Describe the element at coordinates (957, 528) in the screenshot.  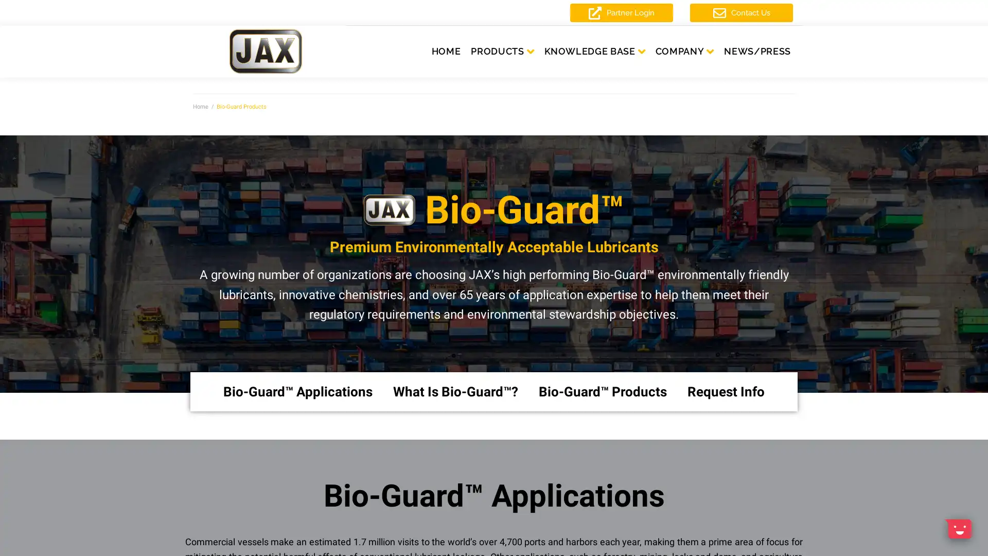
I see `Open` at that location.